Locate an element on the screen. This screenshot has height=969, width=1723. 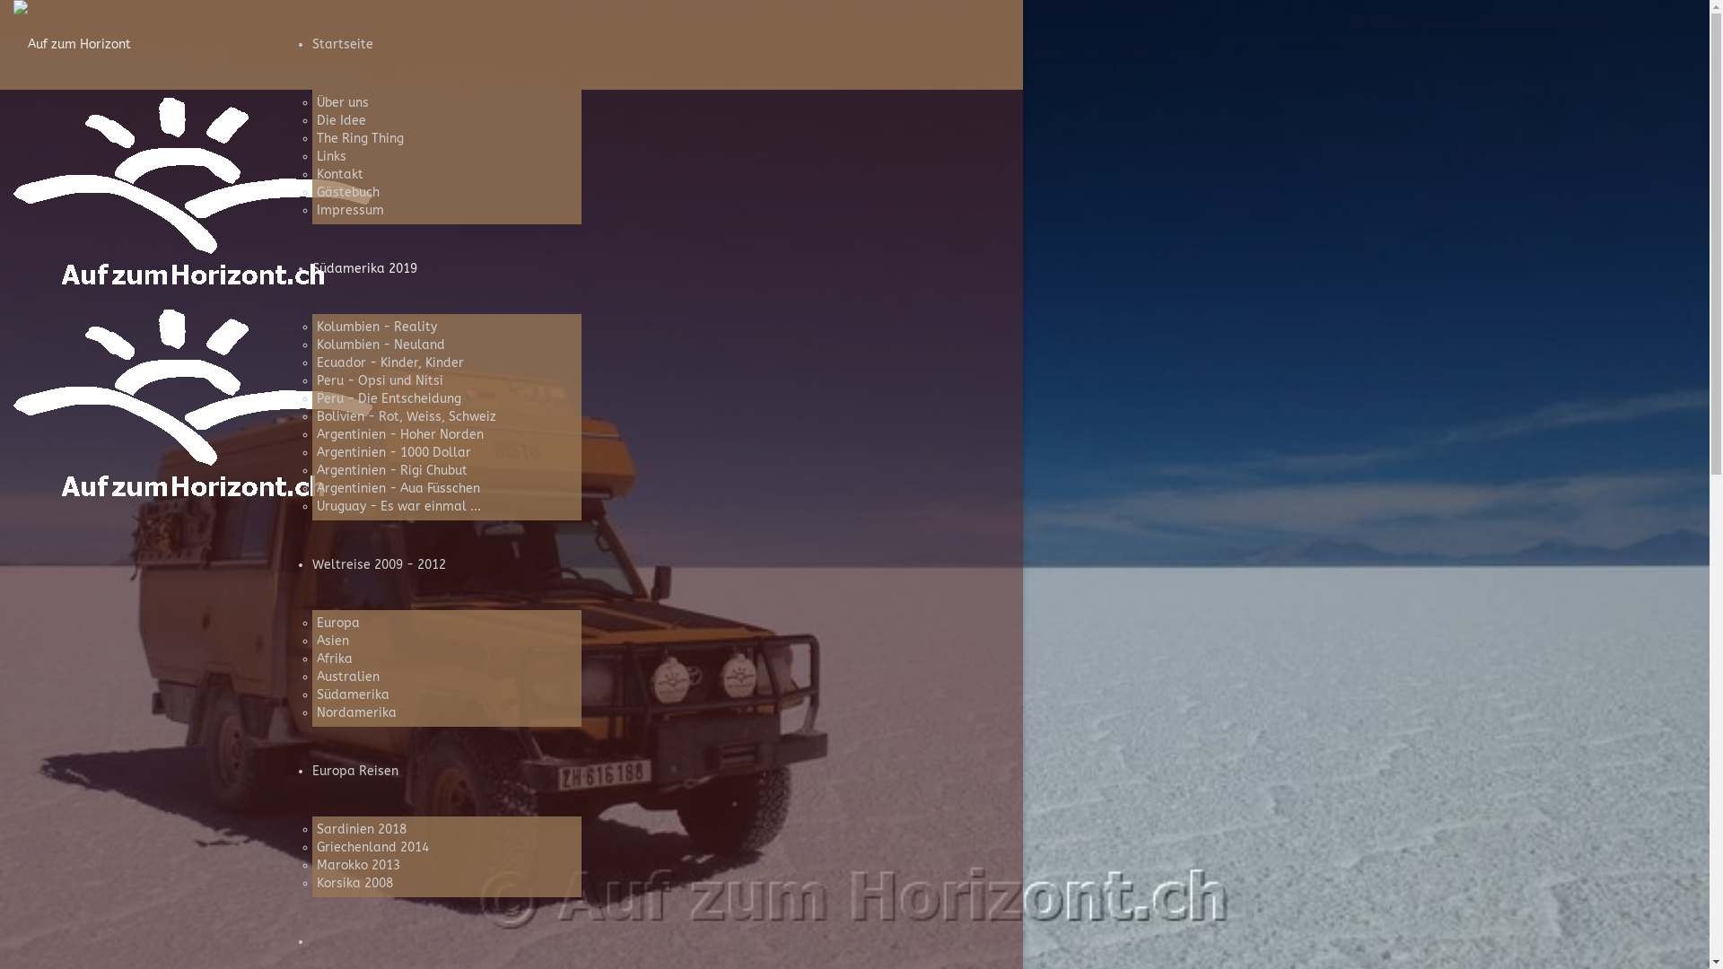
'Kolumbien - Neuland' is located at coordinates (315, 345).